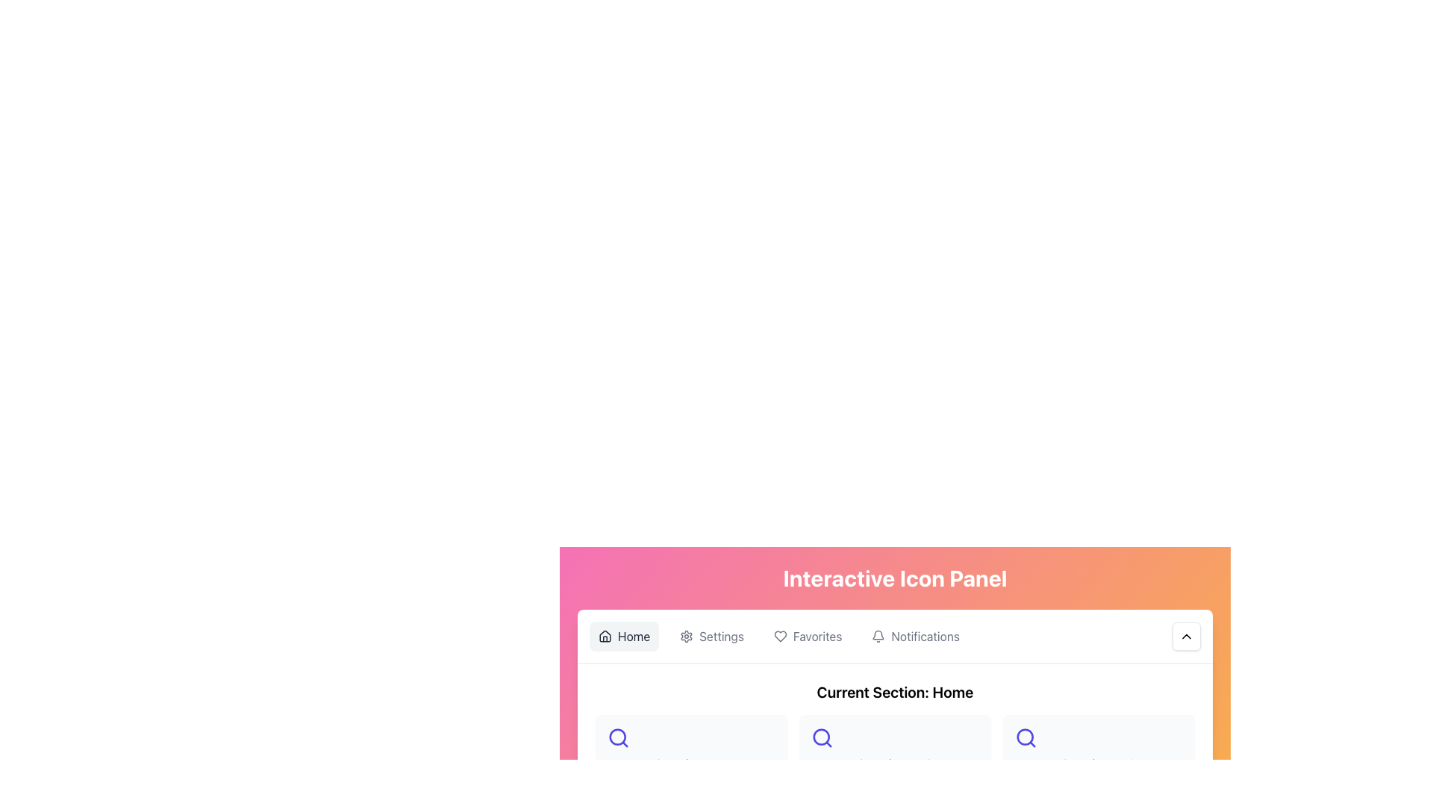 The height and width of the screenshot is (806, 1433). What do you see at coordinates (634, 636) in the screenshot?
I see `the 'Home' label located in the navigation bar, positioned to the right of the house icon` at bounding box center [634, 636].